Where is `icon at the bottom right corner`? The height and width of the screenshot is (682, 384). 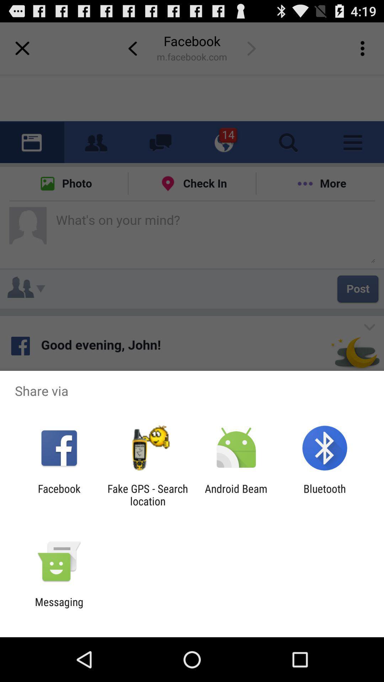
icon at the bottom right corner is located at coordinates (325, 494).